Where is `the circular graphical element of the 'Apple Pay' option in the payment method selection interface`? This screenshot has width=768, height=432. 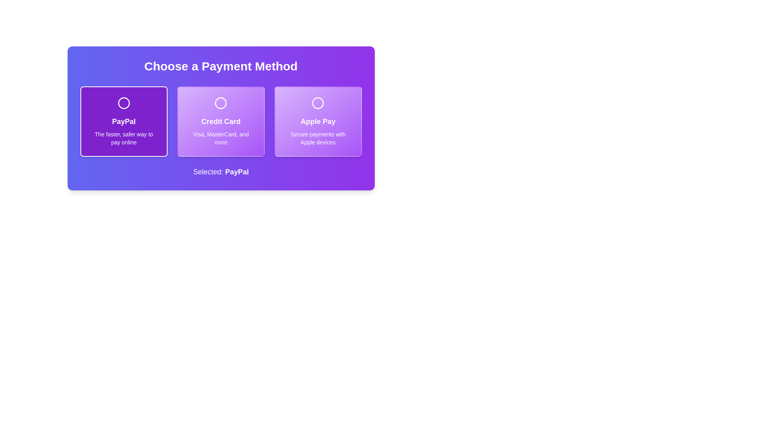 the circular graphical element of the 'Apple Pay' option in the payment method selection interface is located at coordinates (318, 103).